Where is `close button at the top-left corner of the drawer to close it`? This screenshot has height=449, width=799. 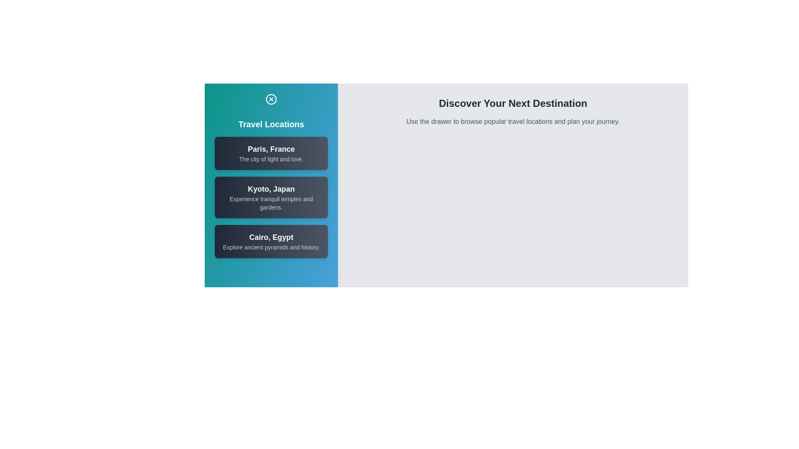
close button at the top-left corner of the drawer to close it is located at coordinates (271, 99).